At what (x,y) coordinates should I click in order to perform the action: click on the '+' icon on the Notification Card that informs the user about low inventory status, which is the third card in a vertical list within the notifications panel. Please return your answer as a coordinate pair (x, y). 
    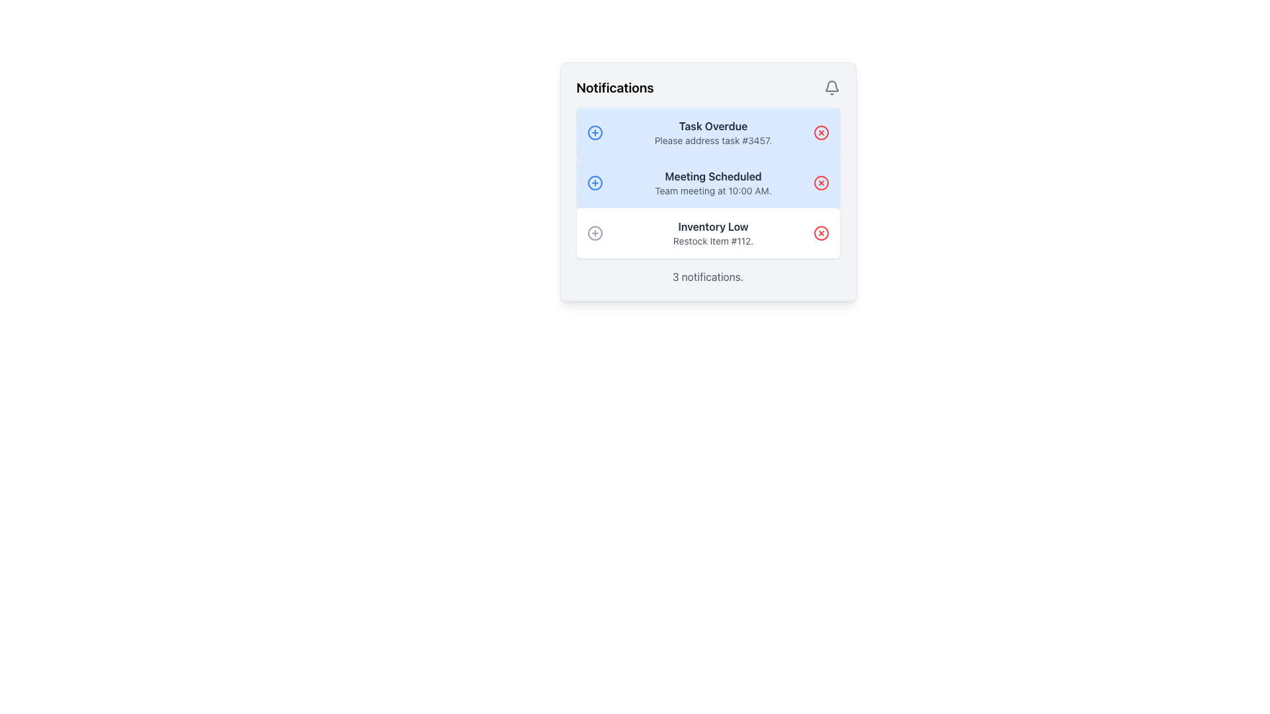
    Looking at the image, I should click on (707, 233).